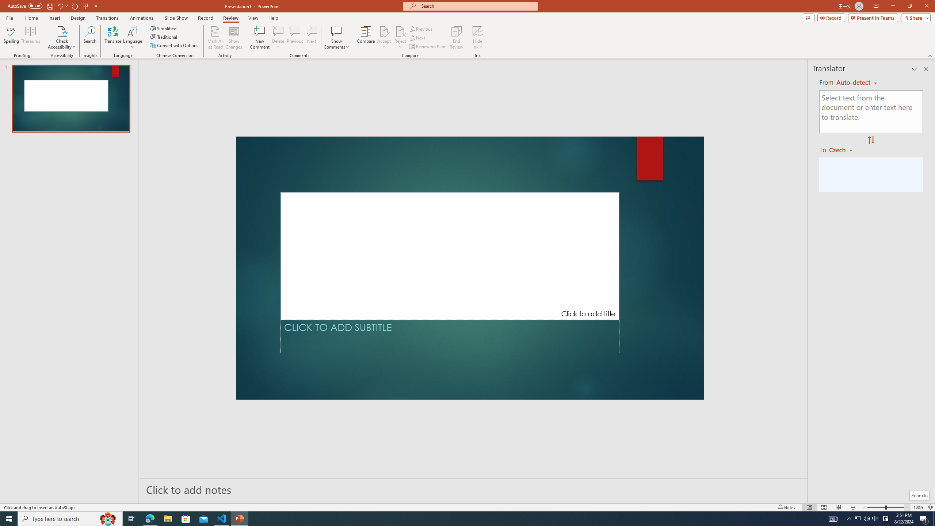 Image resolution: width=935 pixels, height=526 pixels. What do you see at coordinates (60, 5) in the screenshot?
I see `'Undo'` at bounding box center [60, 5].